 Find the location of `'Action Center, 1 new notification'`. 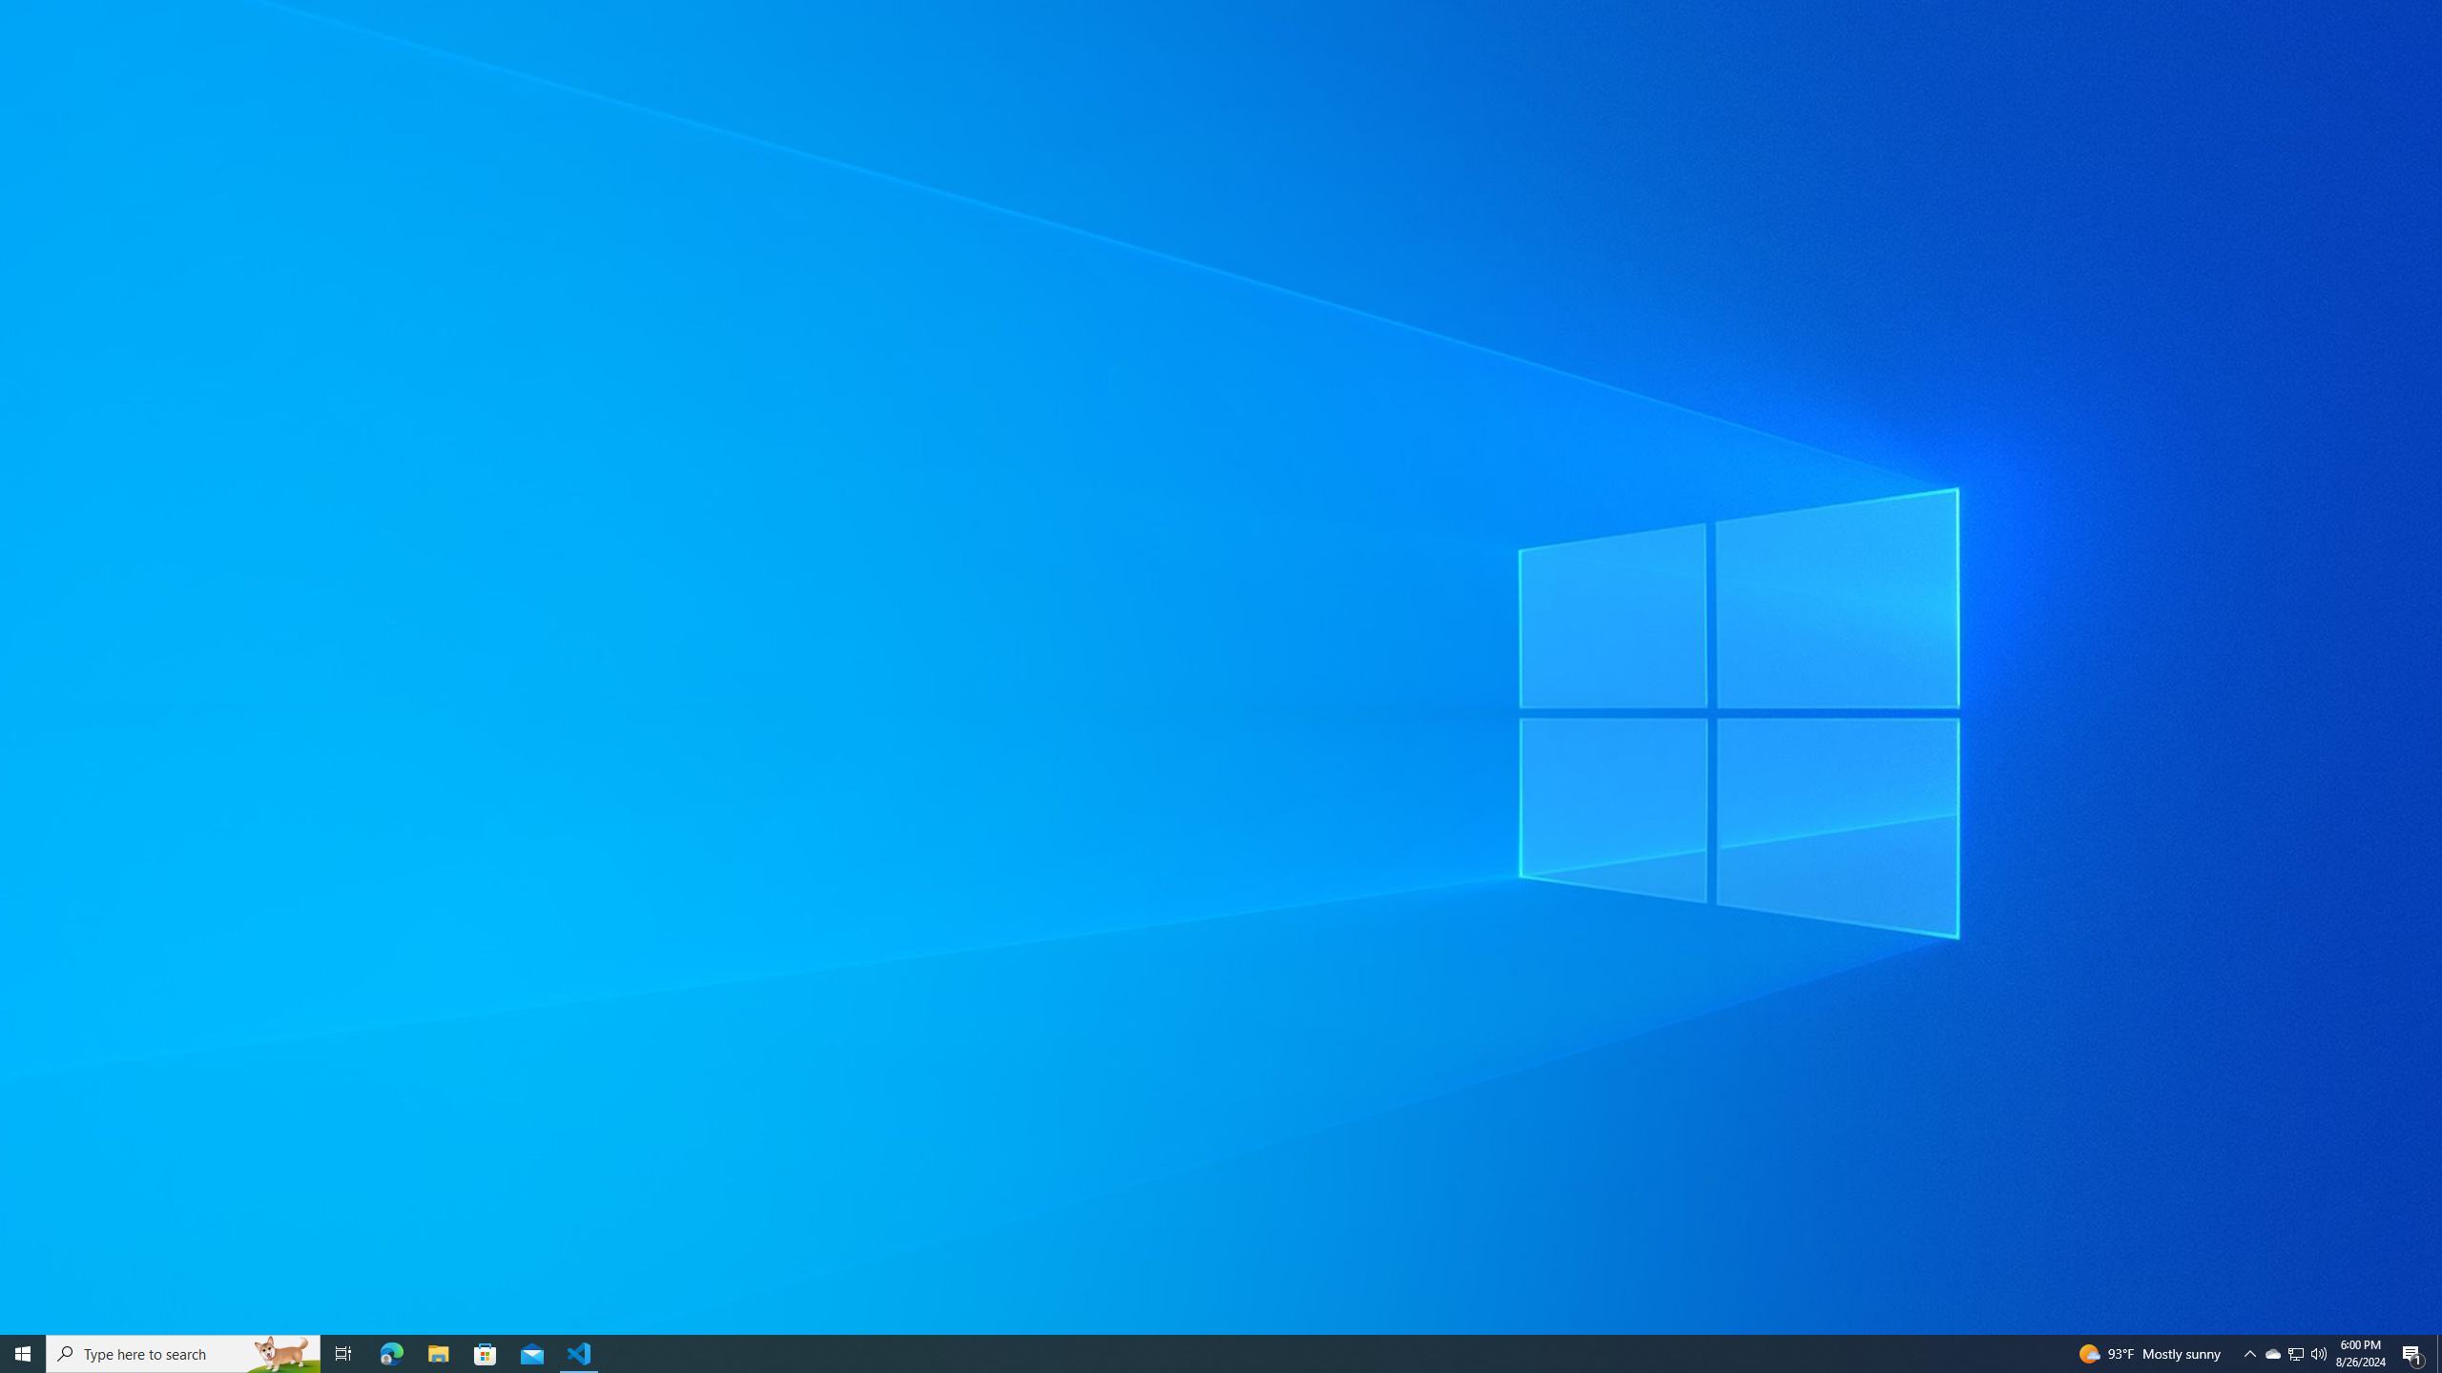

'Action Center, 1 new notification' is located at coordinates (2413, 1352).